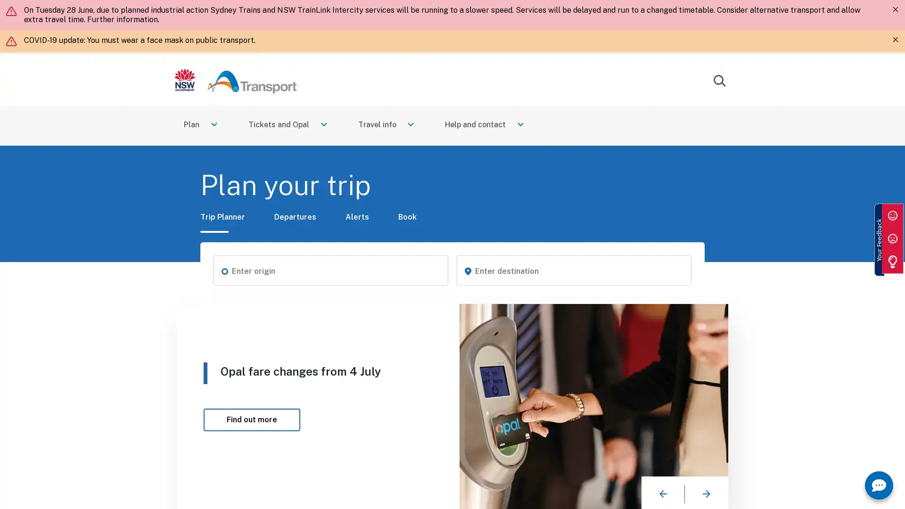 The width and height of the screenshot is (905, 509). What do you see at coordinates (387, 125) in the screenshot?
I see `Travel info` at bounding box center [387, 125].